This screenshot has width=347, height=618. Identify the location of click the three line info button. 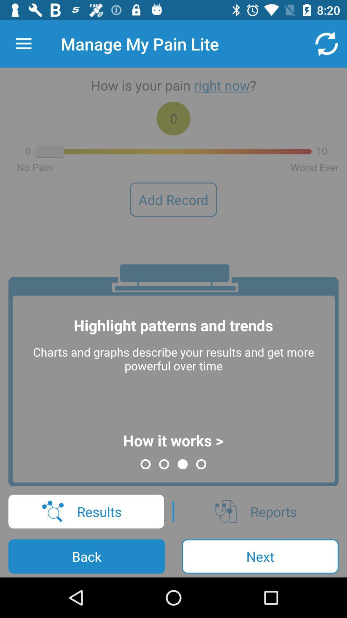
(23, 43).